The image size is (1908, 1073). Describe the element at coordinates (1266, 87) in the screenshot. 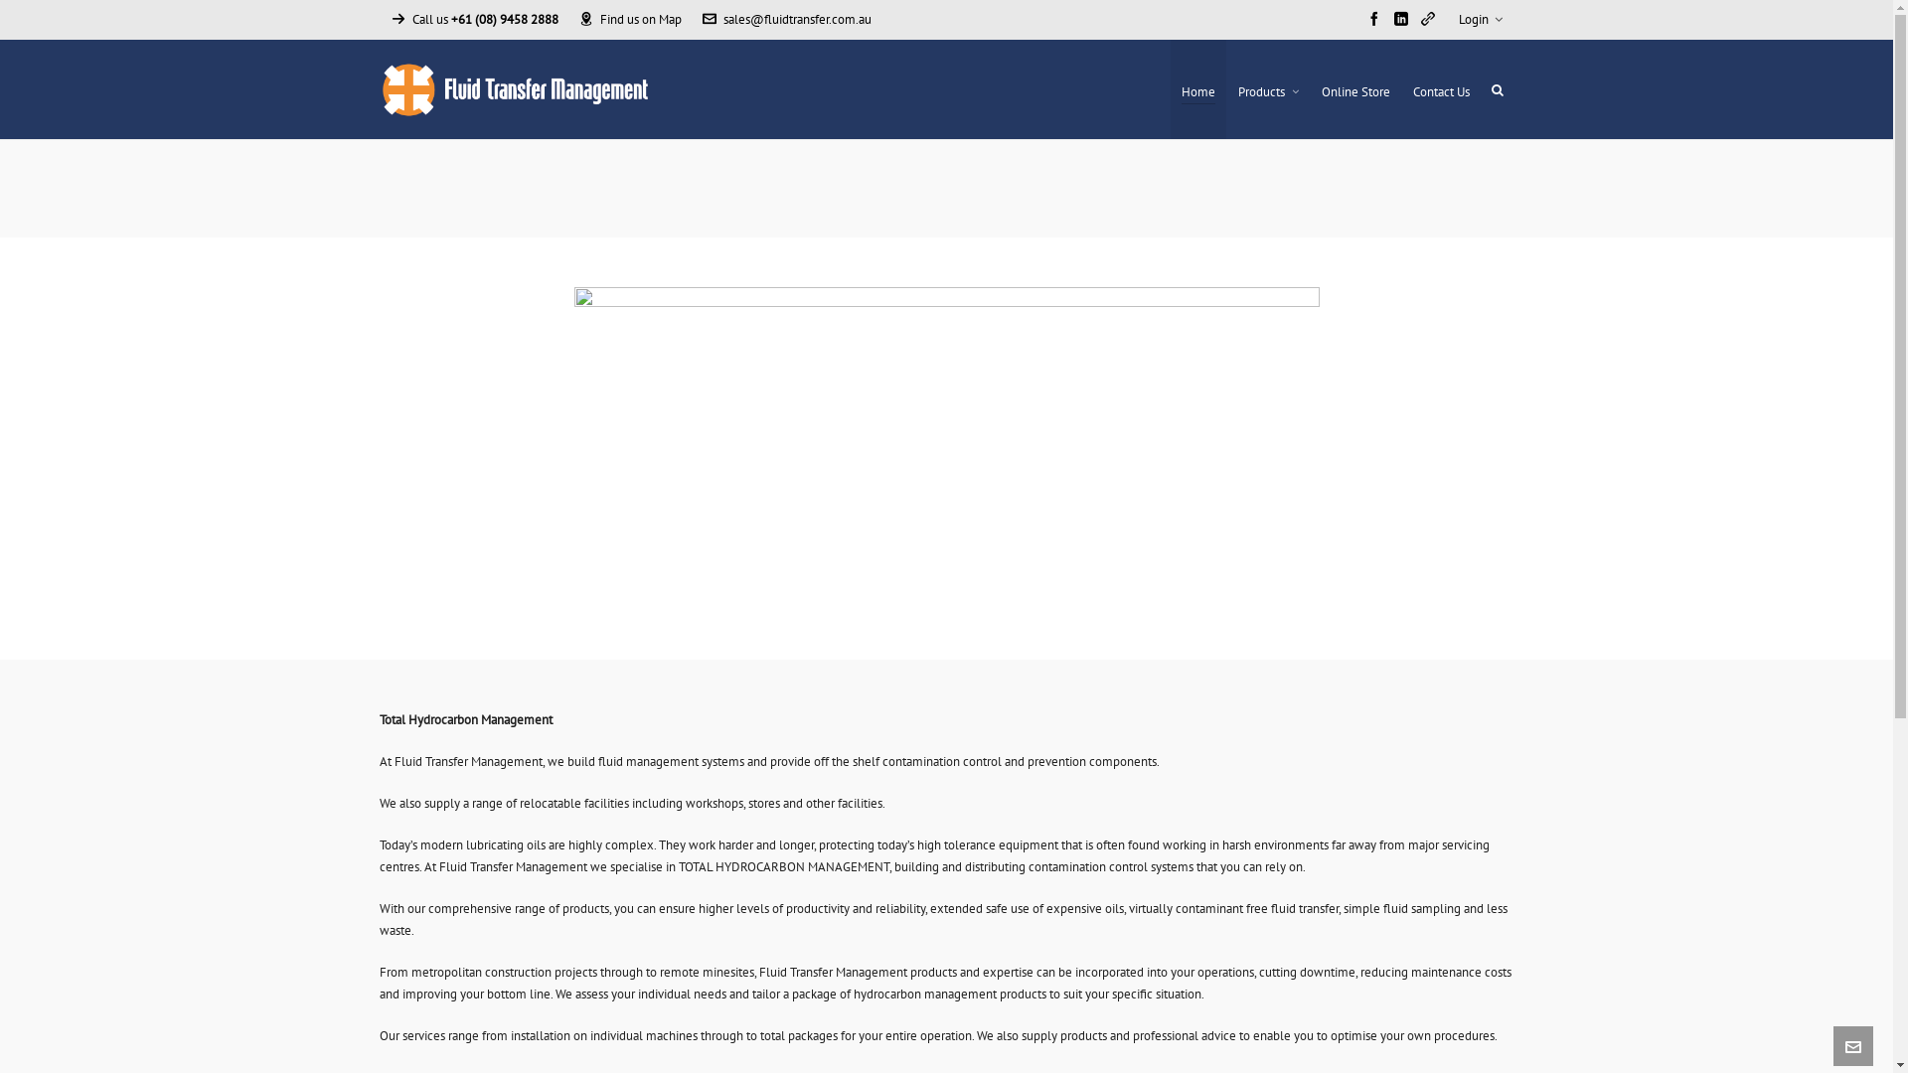

I see `'Products'` at that location.